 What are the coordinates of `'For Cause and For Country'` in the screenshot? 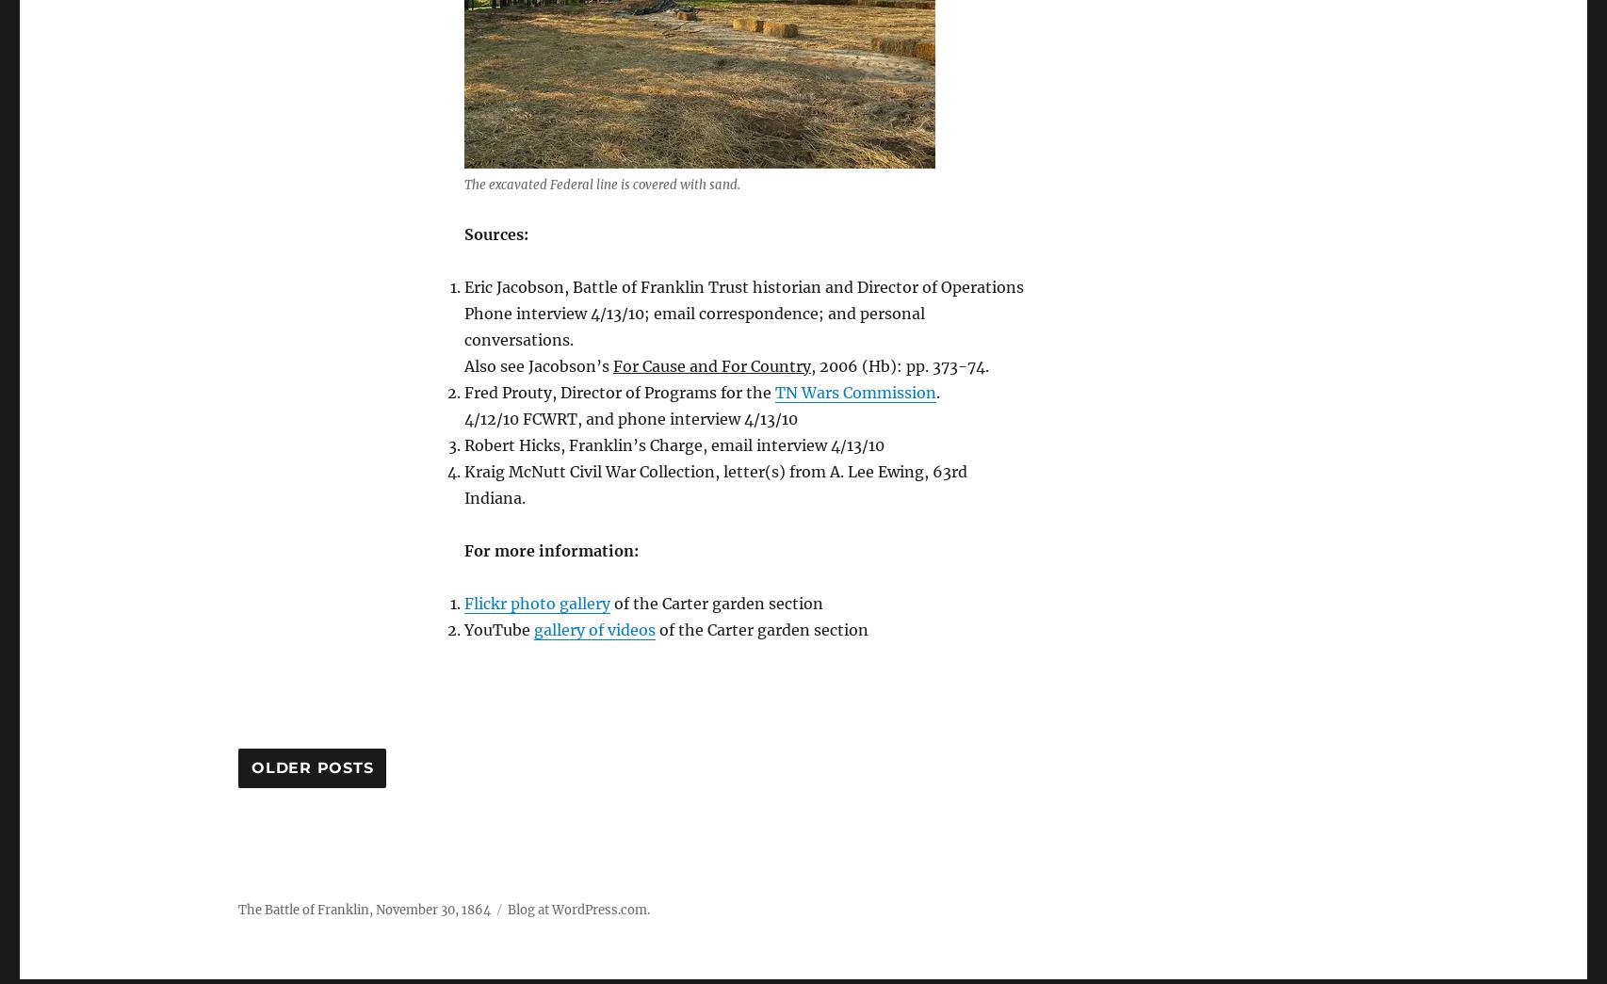 It's located at (710, 364).